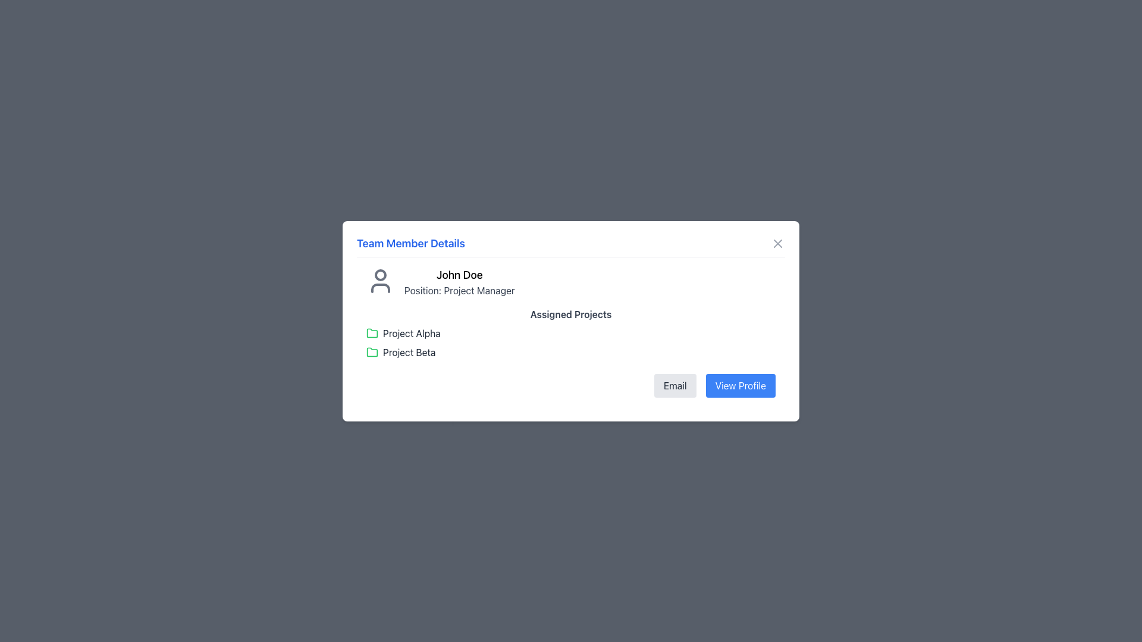 This screenshot has width=1142, height=642. What do you see at coordinates (371, 332) in the screenshot?
I see `the folder icon representing 'Project Alpha'` at bounding box center [371, 332].